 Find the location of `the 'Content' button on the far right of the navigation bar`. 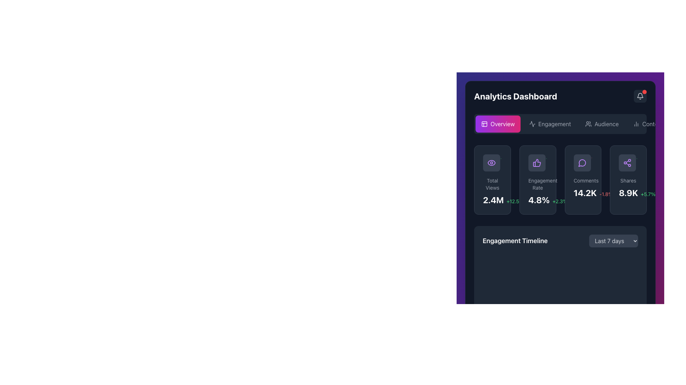

the 'Content' button on the far right of the navigation bar is located at coordinates (648, 123).